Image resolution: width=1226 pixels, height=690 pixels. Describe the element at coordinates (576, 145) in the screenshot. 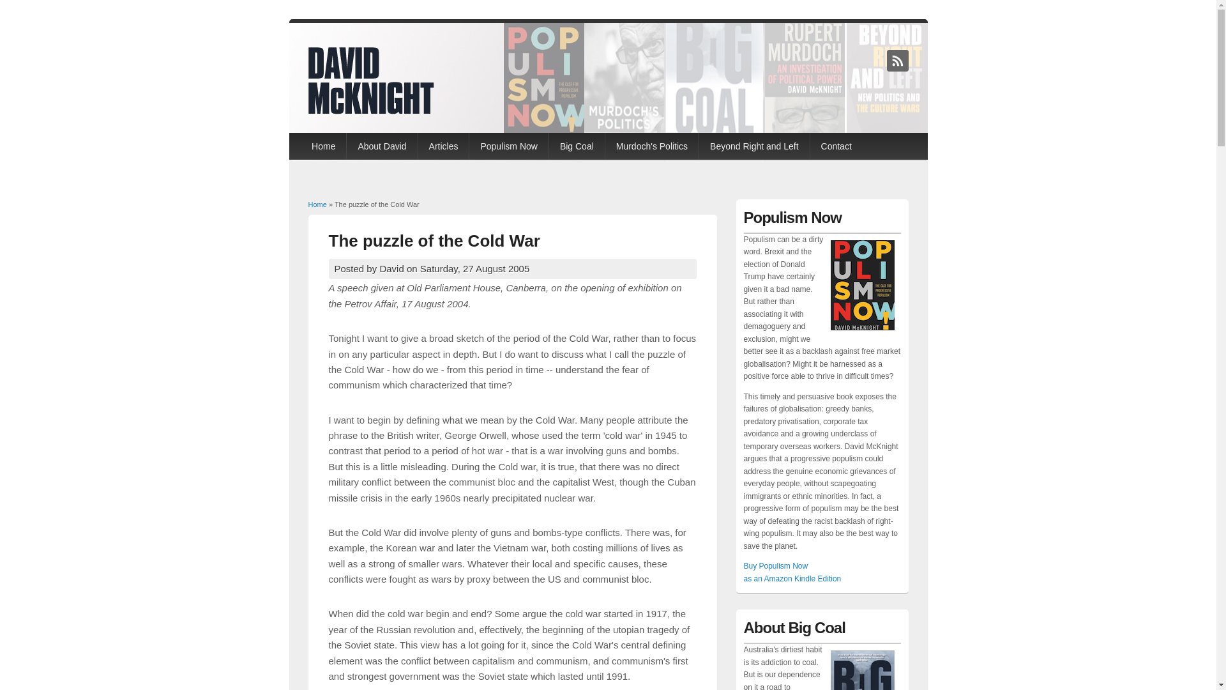

I see `'Big Coal'` at that location.